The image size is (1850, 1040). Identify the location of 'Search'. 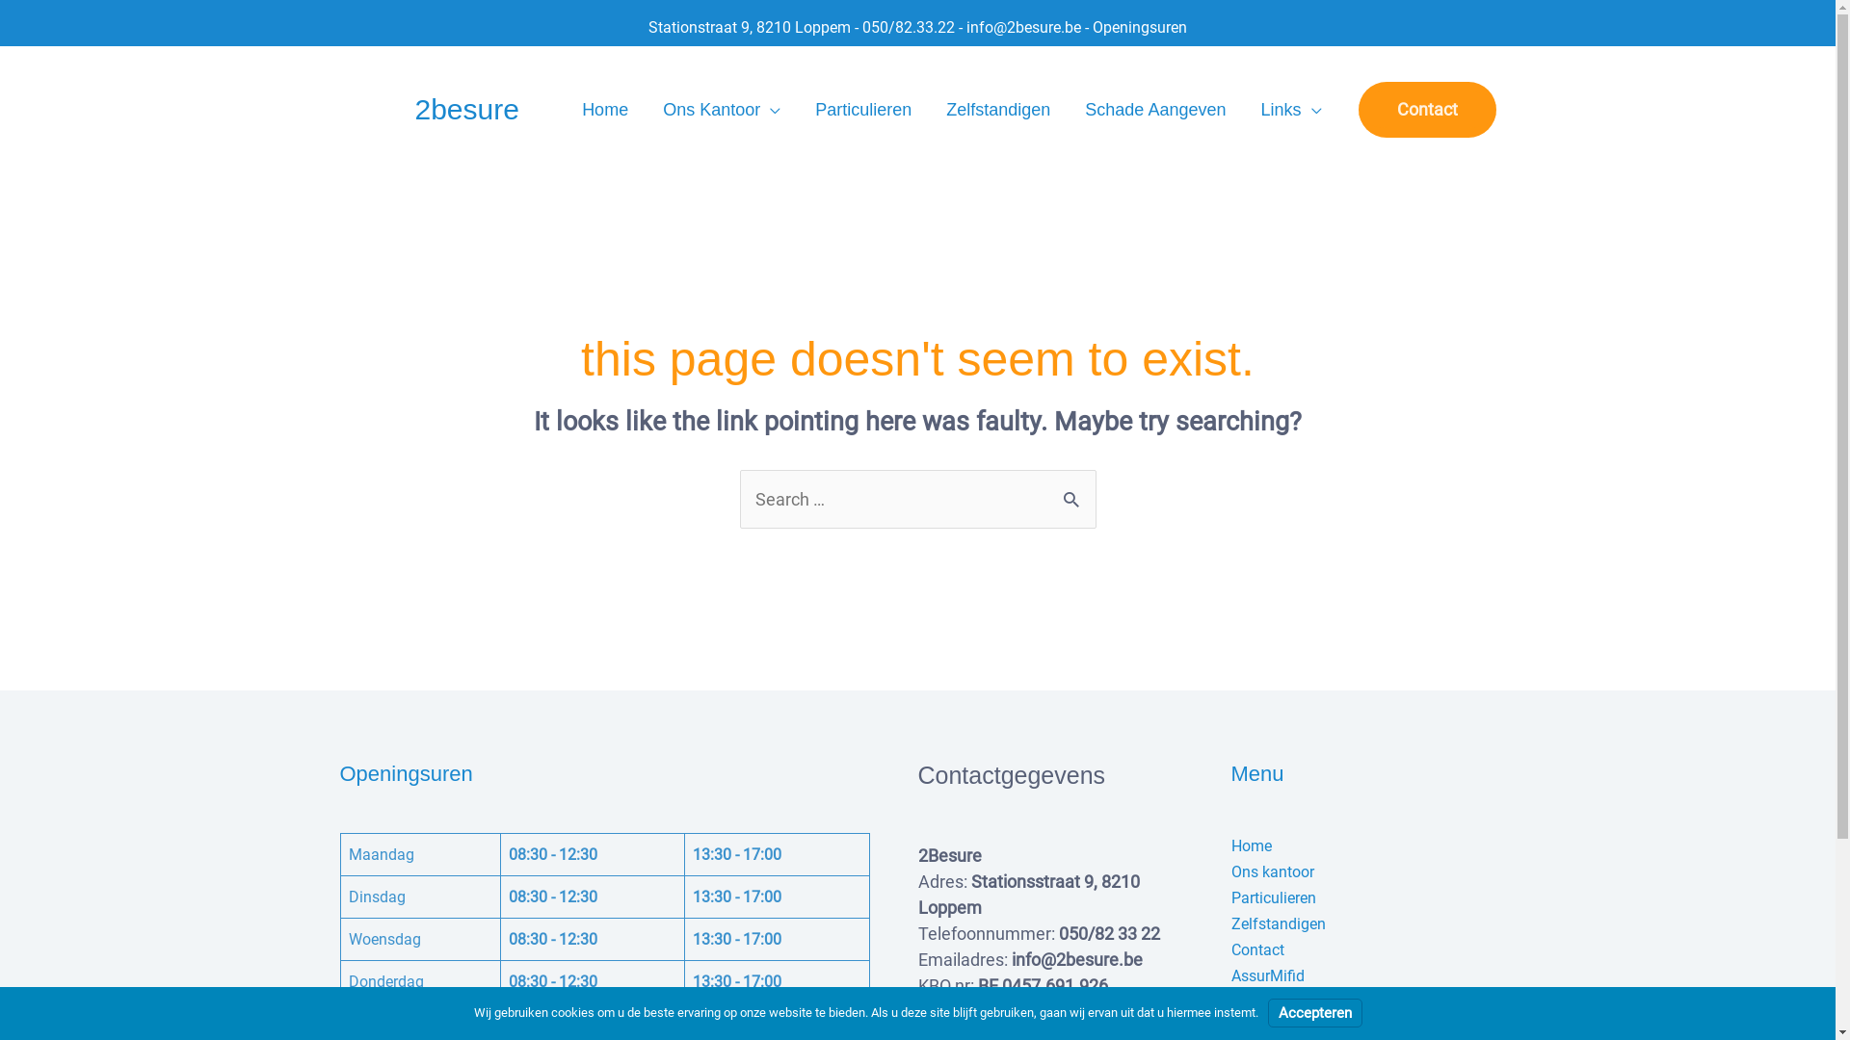
(1072, 488).